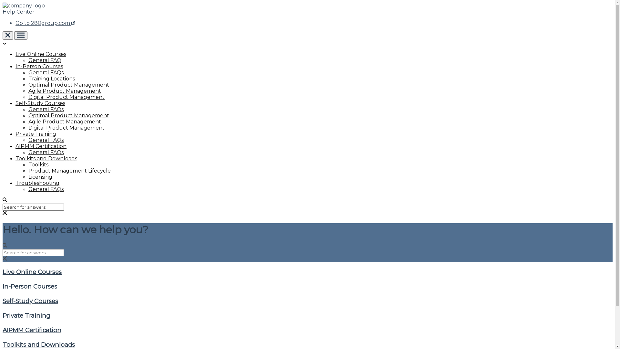 The image size is (620, 349). What do you see at coordinates (37, 183) in the screenshot?
I see `'Troubleshooting'` at bounding box center [37, 183].